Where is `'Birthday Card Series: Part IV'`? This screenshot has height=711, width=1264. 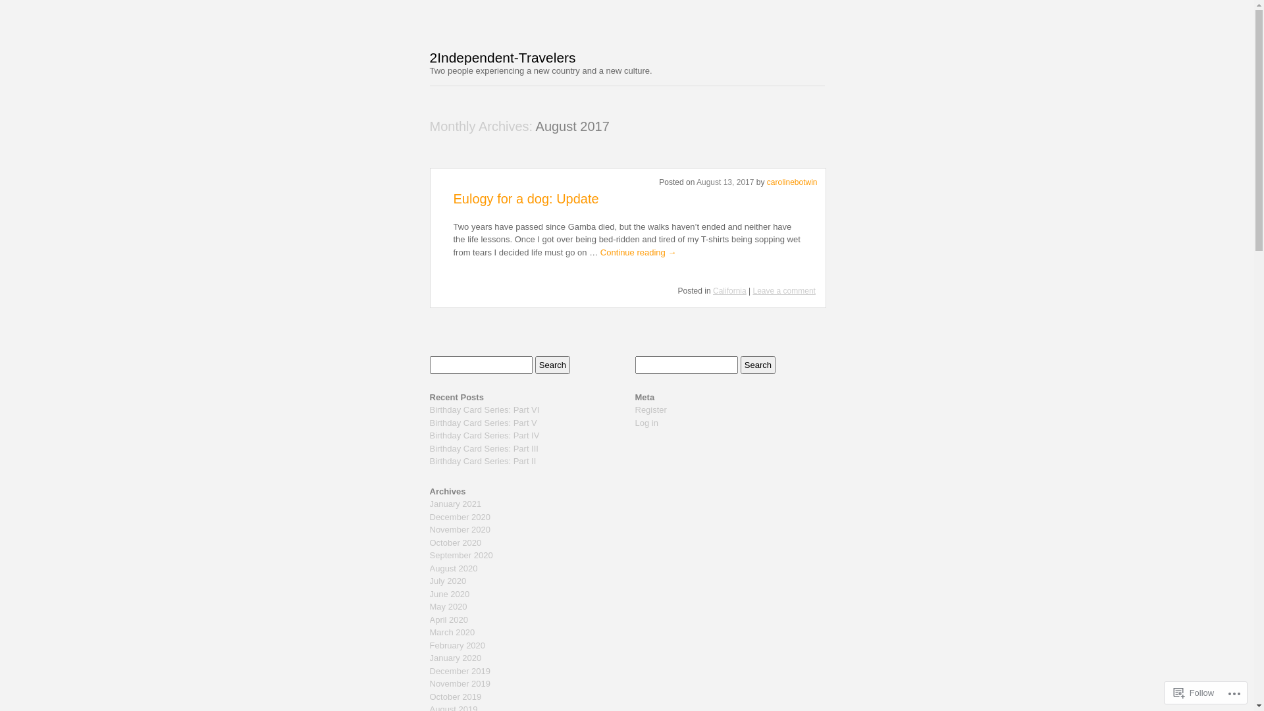
'Birthday Card Series: Part IV' is located at coordinates (429, 435).